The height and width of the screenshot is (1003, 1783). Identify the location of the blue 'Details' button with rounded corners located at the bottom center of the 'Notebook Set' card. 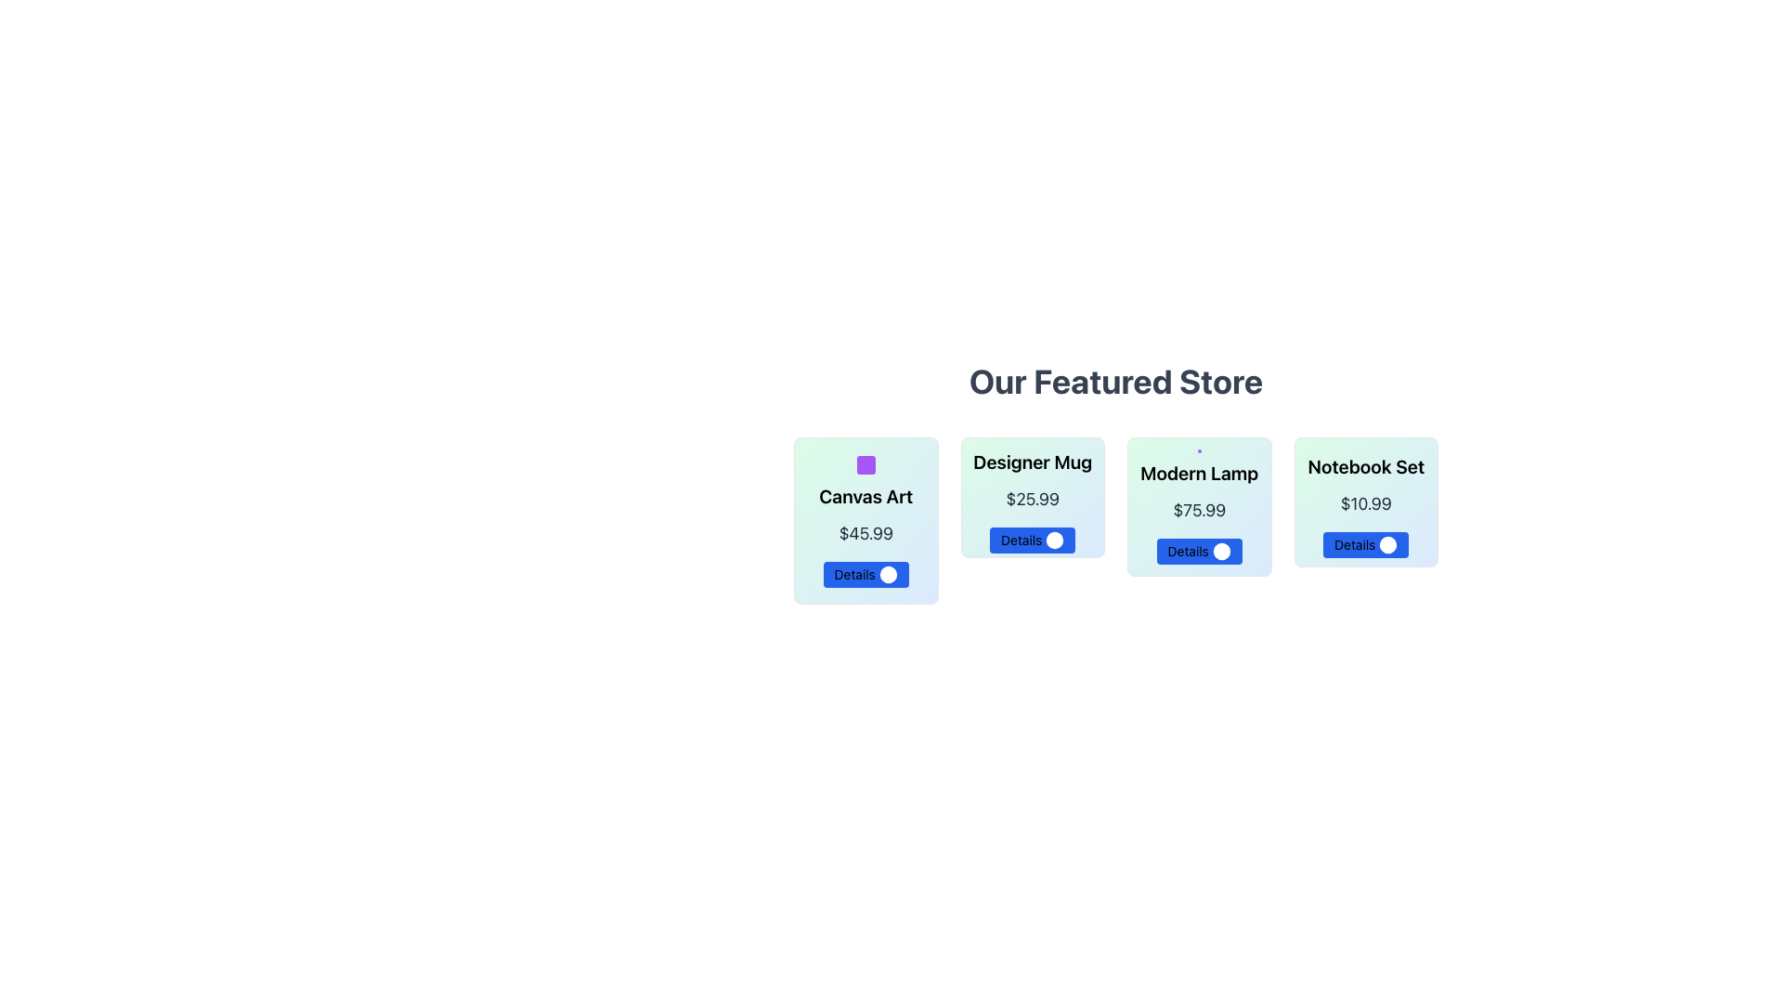
(1366, 543).